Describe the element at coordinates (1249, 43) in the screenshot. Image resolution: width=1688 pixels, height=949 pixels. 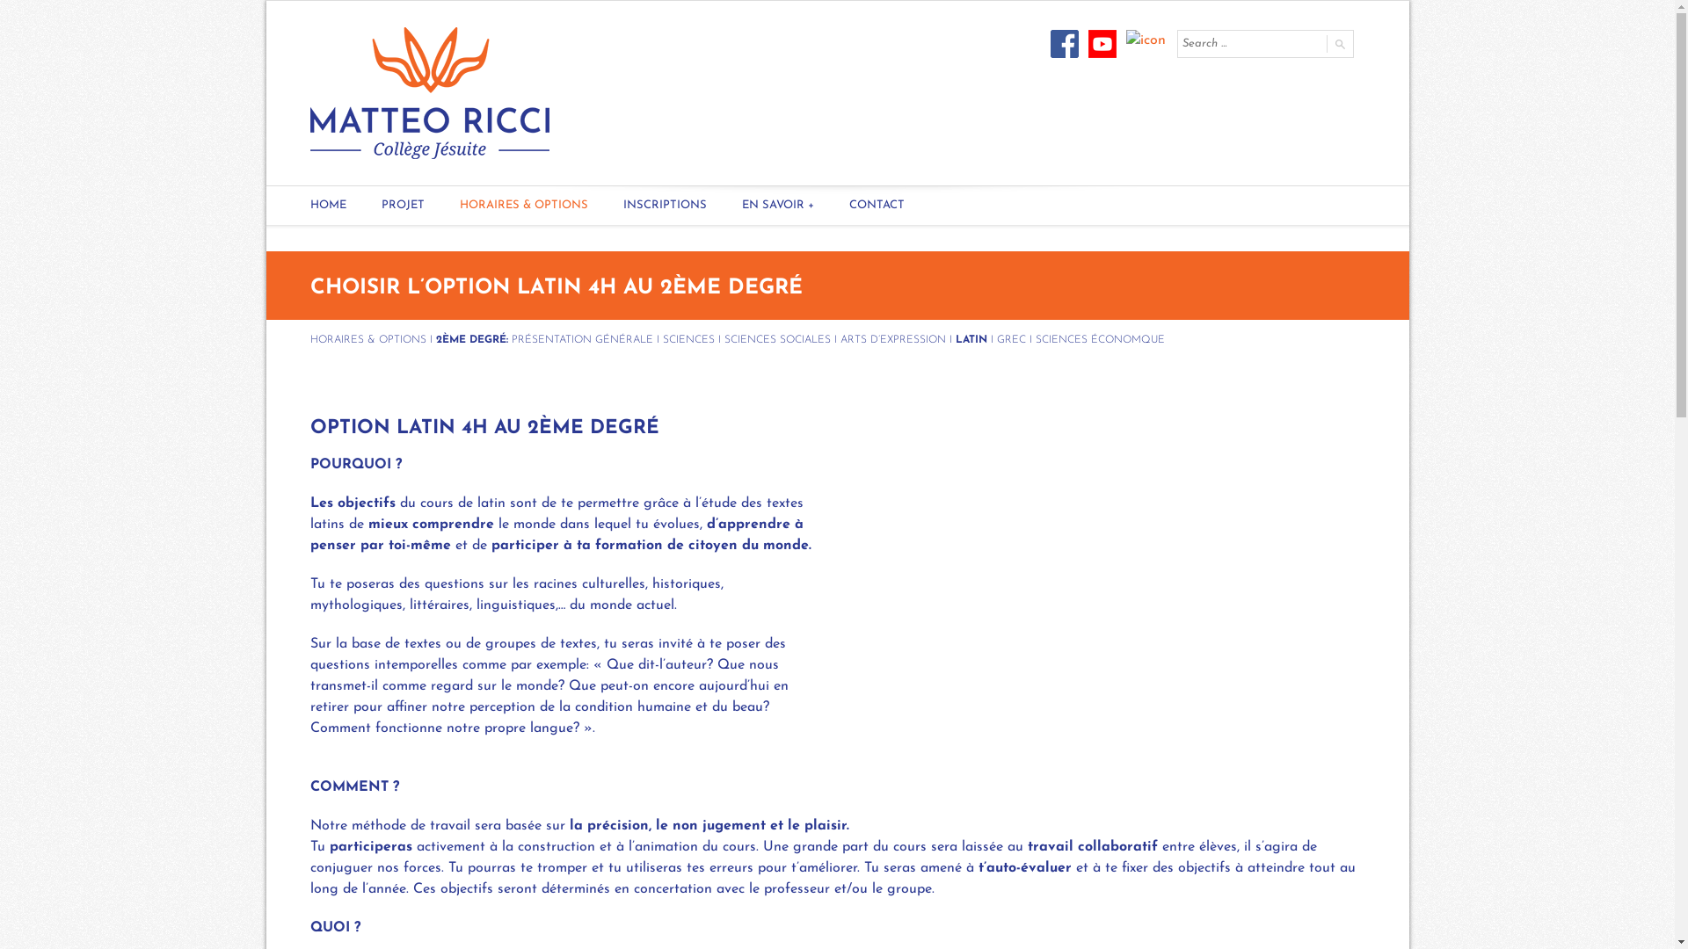
I see `'Search for:'` at that location.